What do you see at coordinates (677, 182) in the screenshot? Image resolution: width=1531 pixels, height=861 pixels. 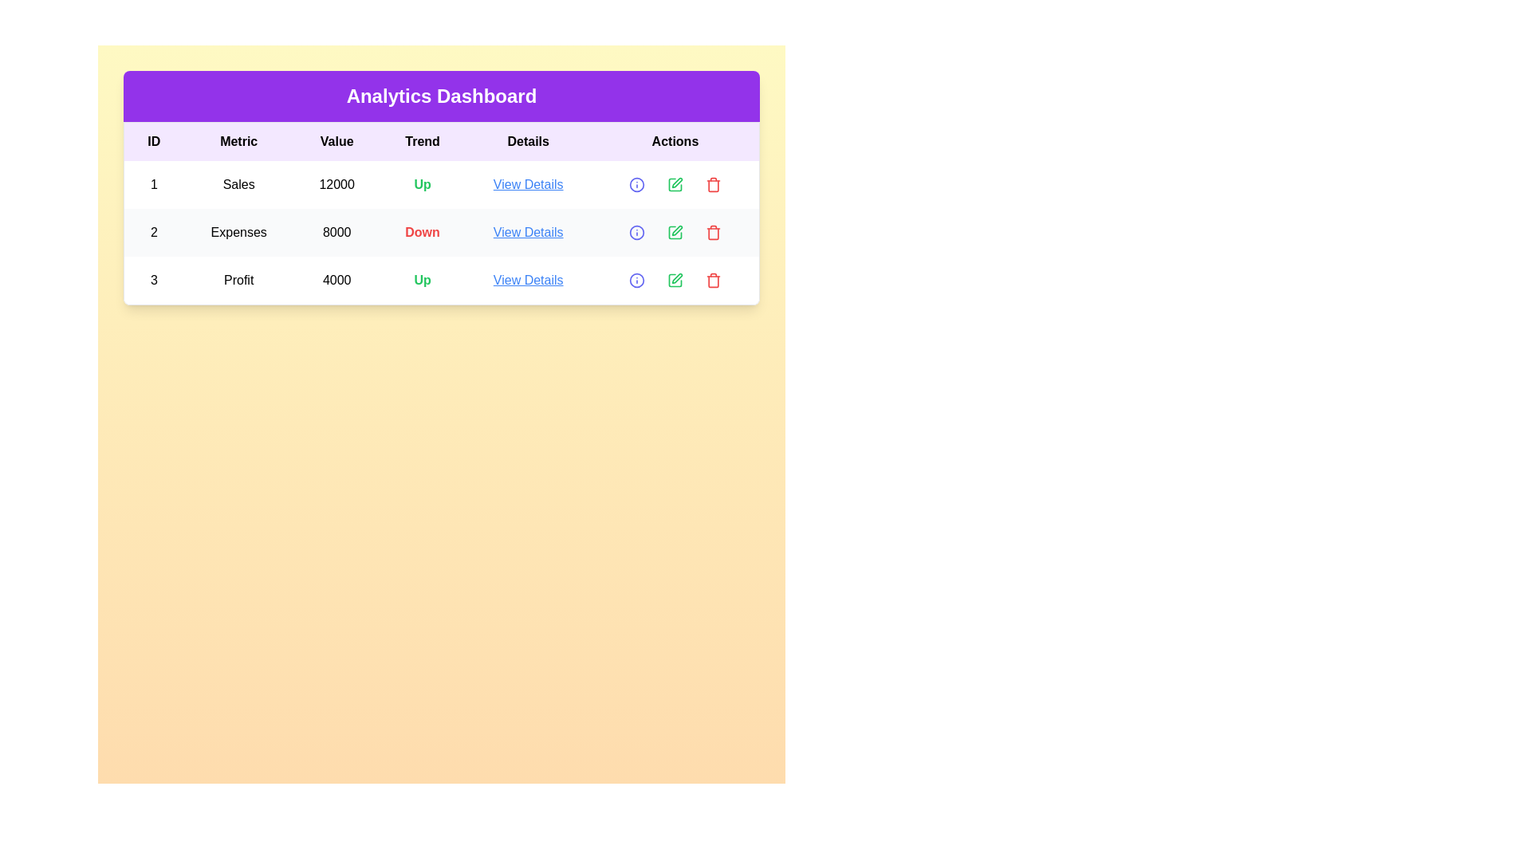 I see `the 'Edit' button icon in the third row of the 'Actions' column` at bounding box center [677, 182].